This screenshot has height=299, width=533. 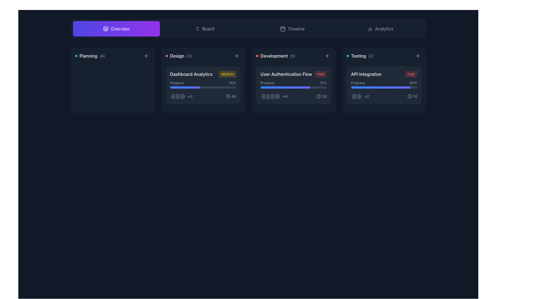 What do you see at coordinates (197, 29) in the screenshot?
I see `the visual indicator icon for the 'Board' button, which is centrally positioned inside the button in the top navigation menu` at bounding box center [197, 29].